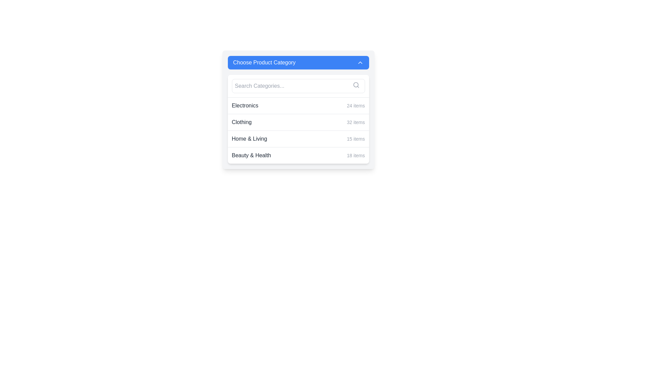  I want to click on the circular gray search icon element located in the top-right section of the search input field, so click(355, 84).